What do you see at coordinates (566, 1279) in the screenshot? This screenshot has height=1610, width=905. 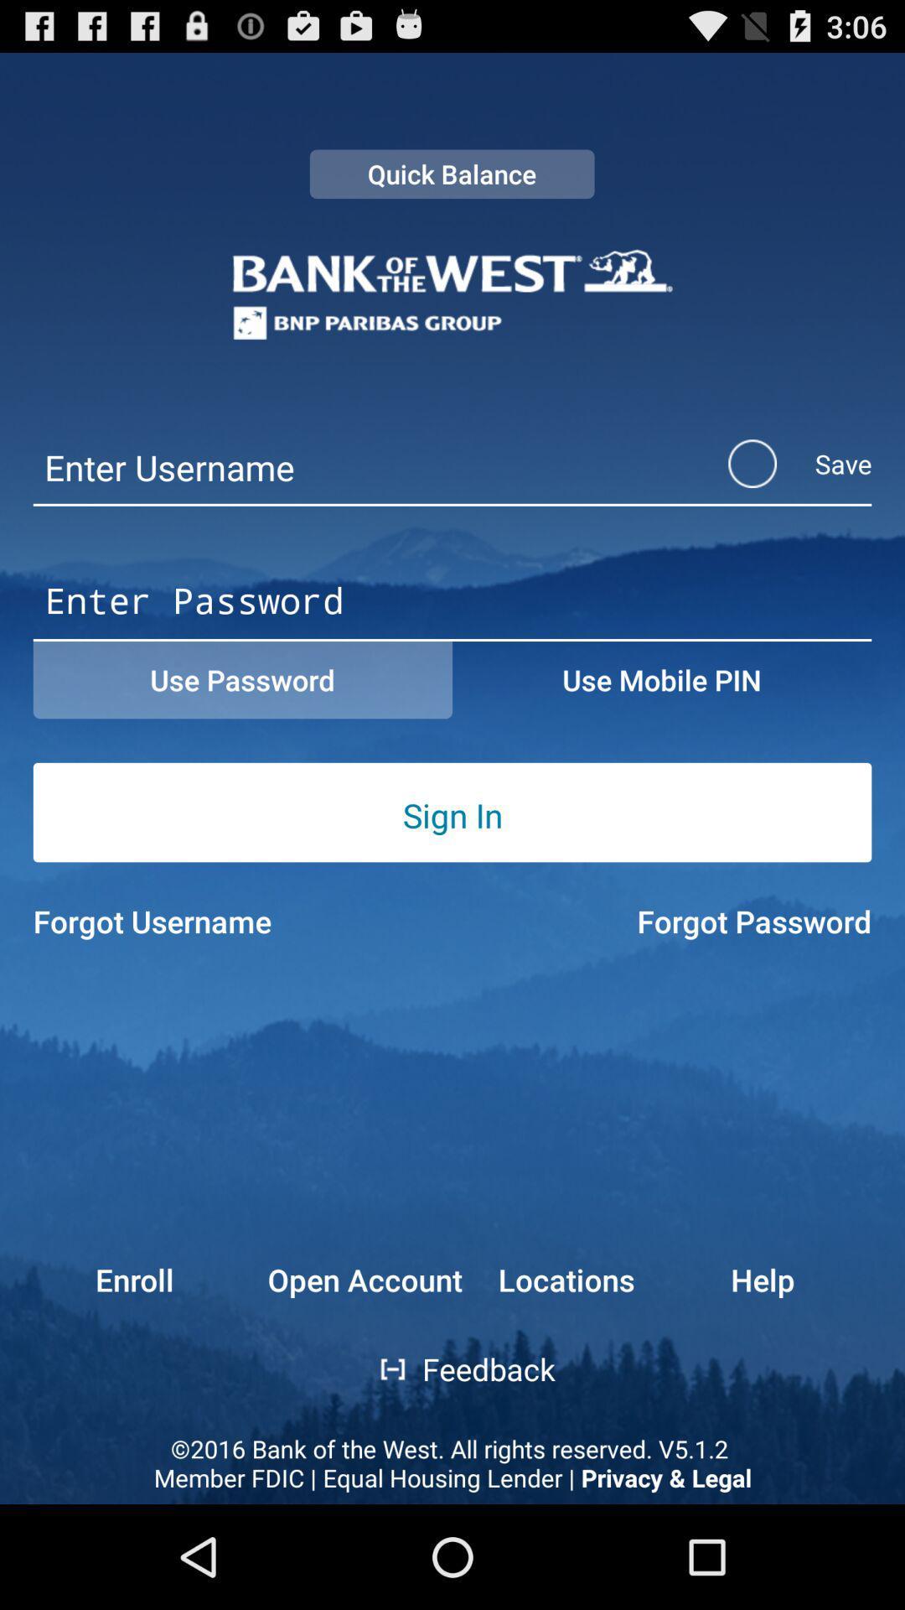 I see `button next to the open account icon` at bounding box center [566, 1279].